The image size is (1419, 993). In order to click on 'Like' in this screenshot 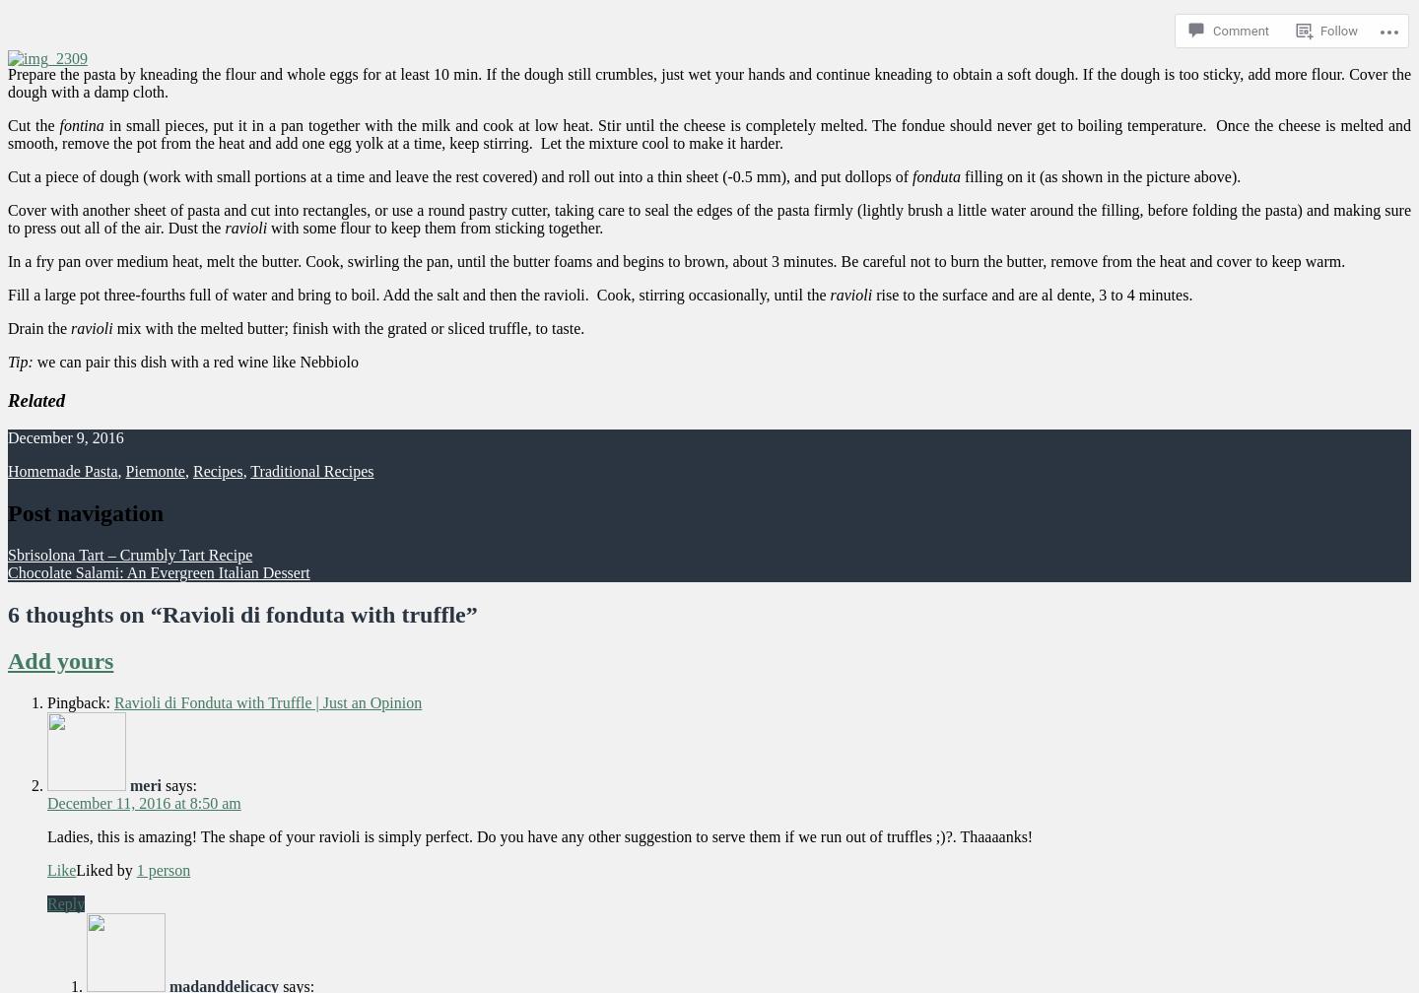, I will do `click(61, 869)`.